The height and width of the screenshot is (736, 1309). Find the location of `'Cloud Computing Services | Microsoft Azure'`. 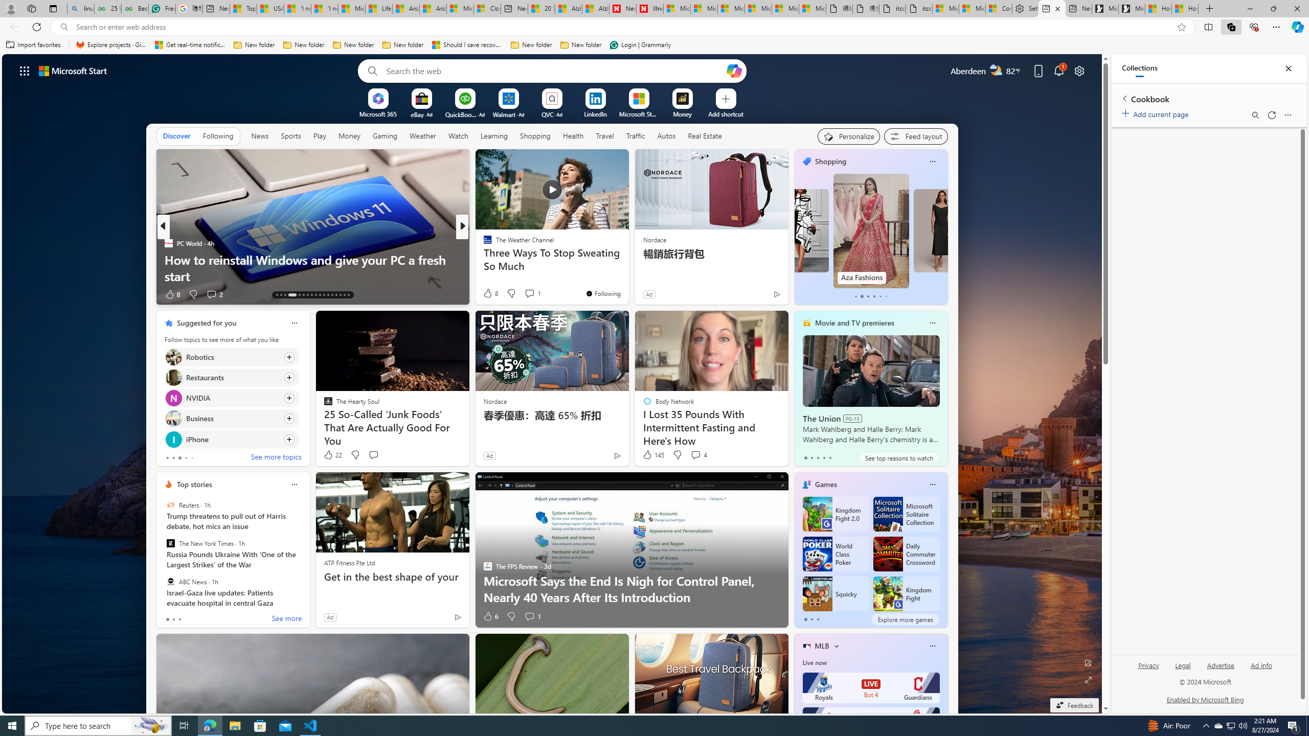

'Cloud Computing Services | Microsoft Azure' is located at coordinates (487, 8).